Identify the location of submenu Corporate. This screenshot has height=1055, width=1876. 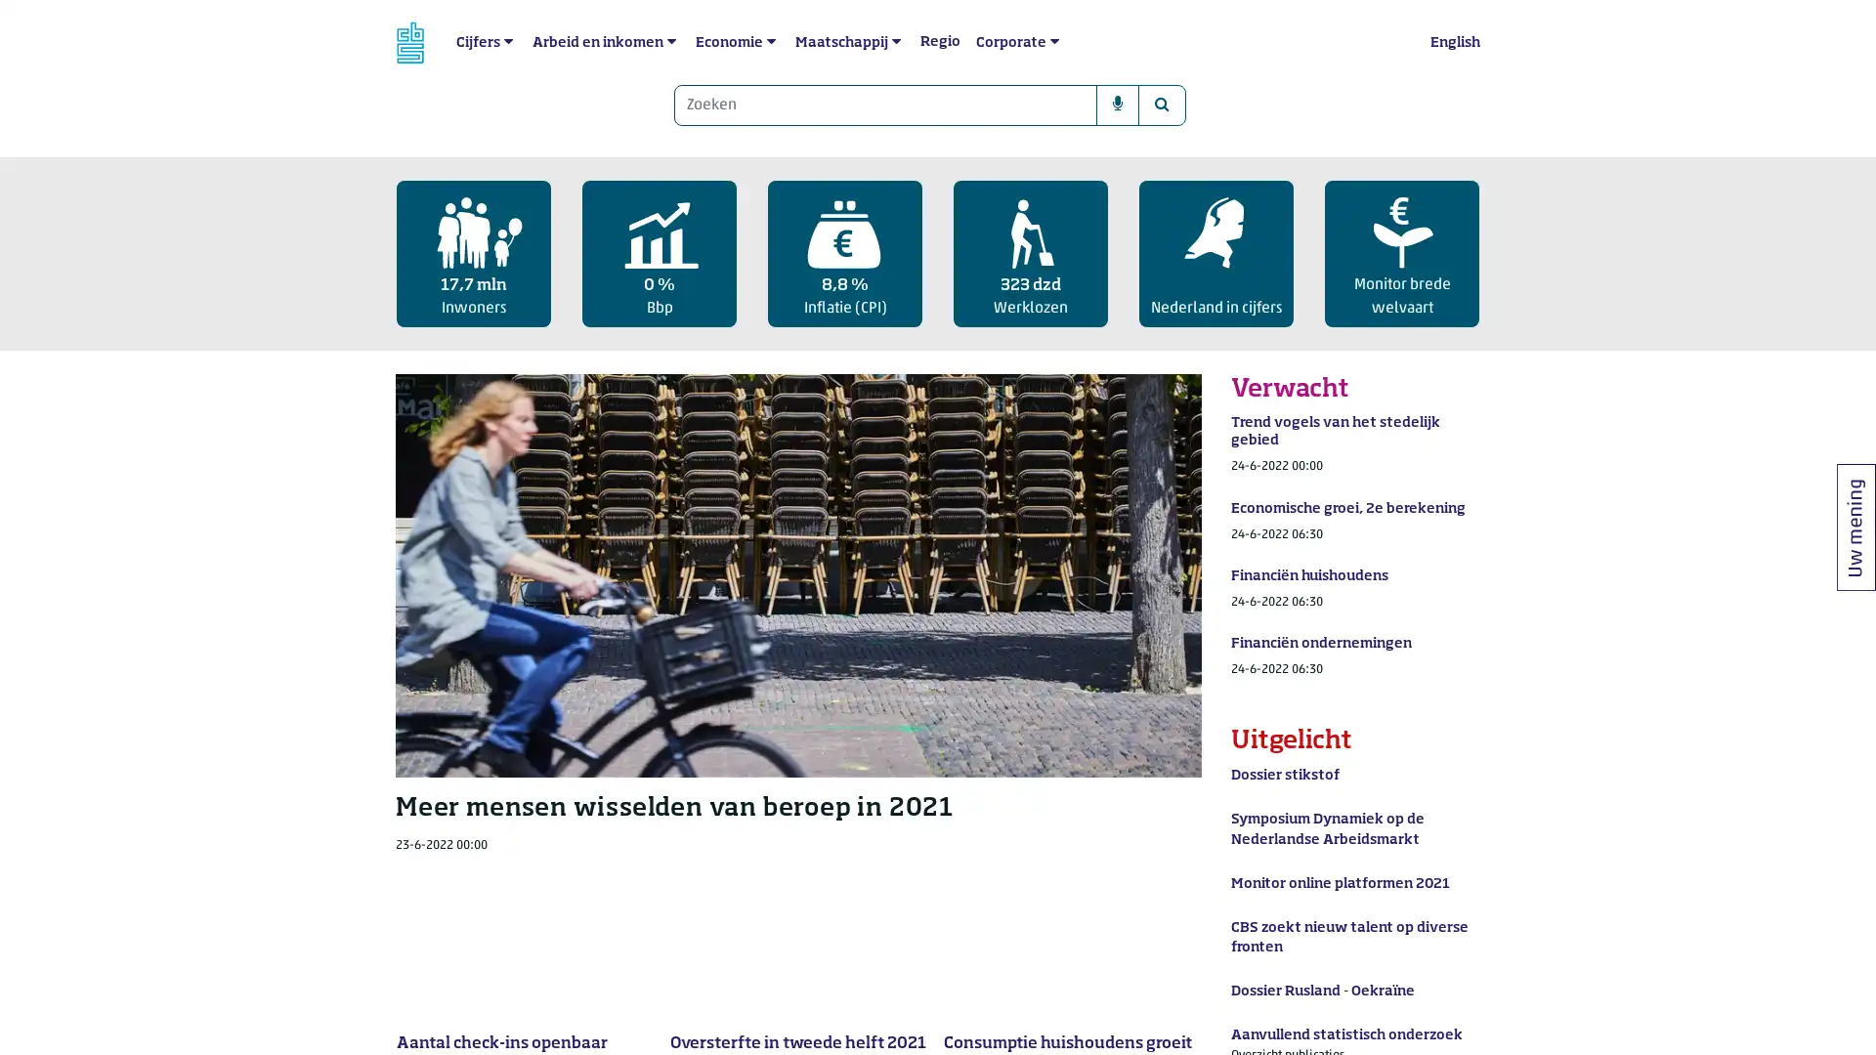
(1053, 41).